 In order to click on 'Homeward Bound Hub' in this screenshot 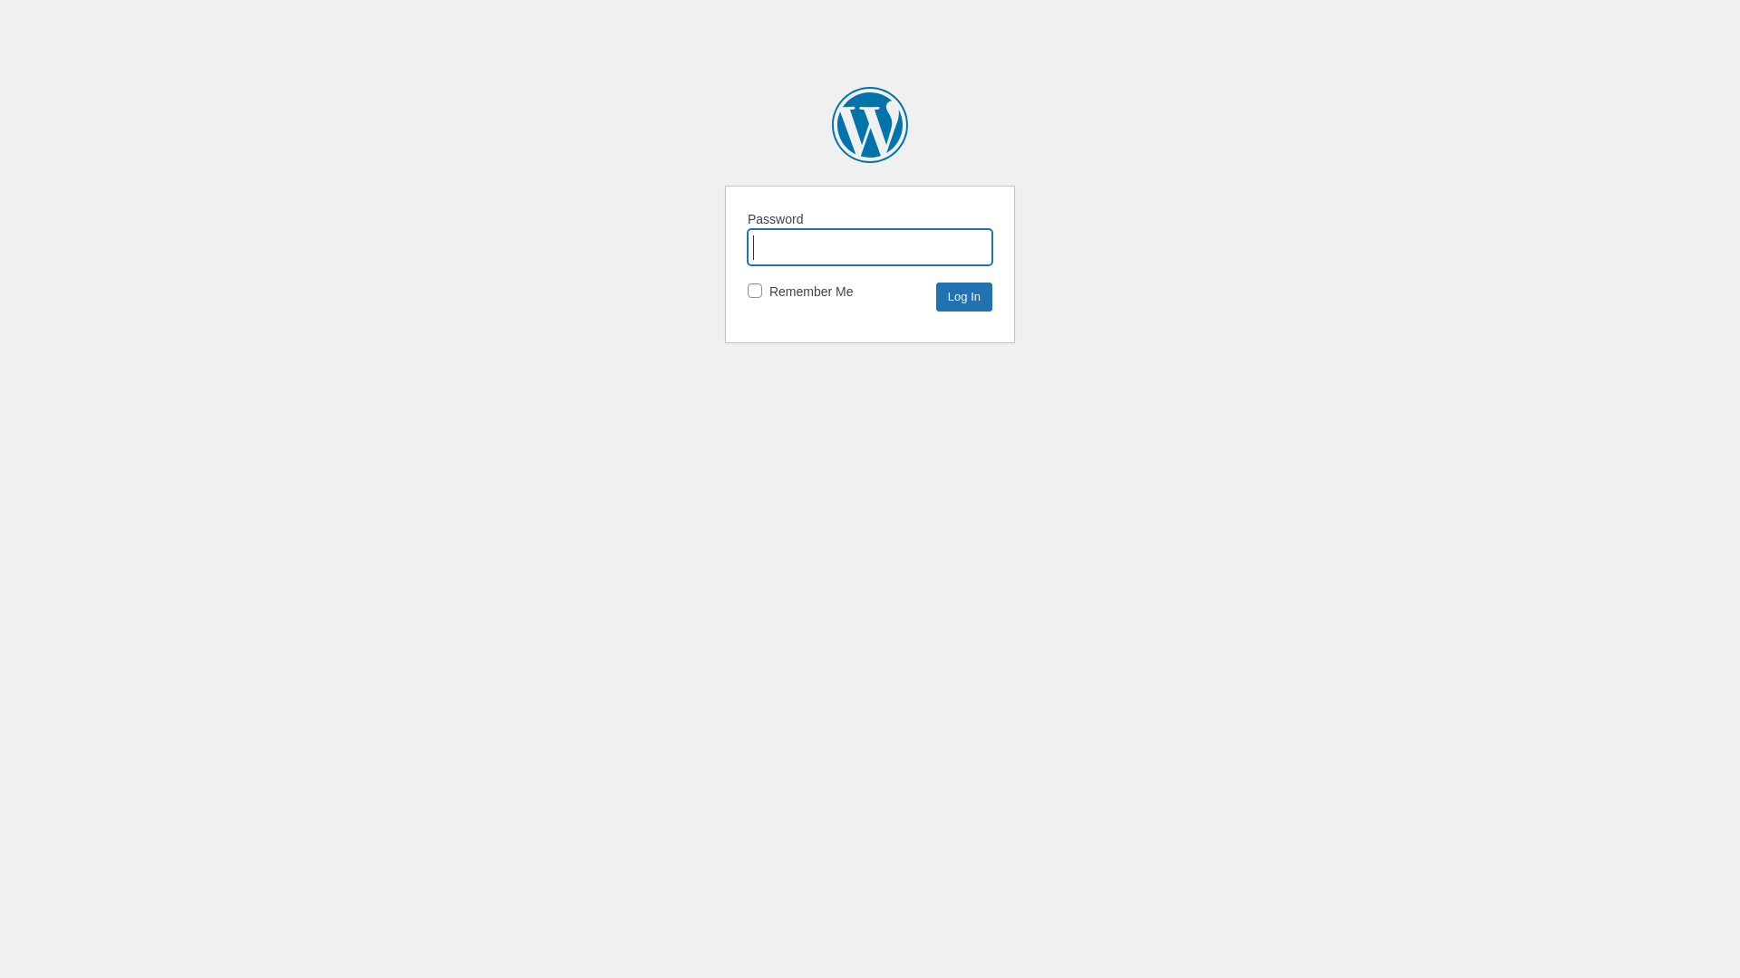, I will do `click(870, 124)`.